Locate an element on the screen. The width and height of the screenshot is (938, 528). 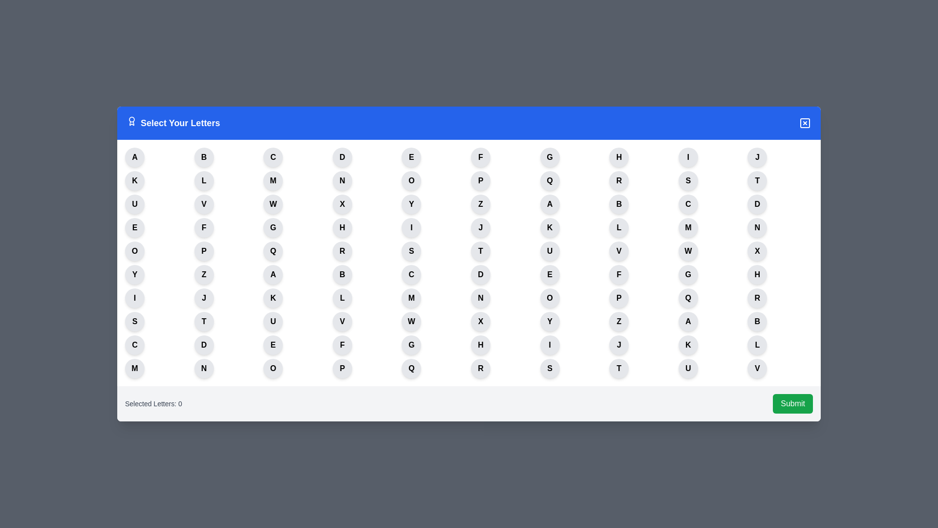
the submit button to finalize the selection is located at coordinates (792, 403).